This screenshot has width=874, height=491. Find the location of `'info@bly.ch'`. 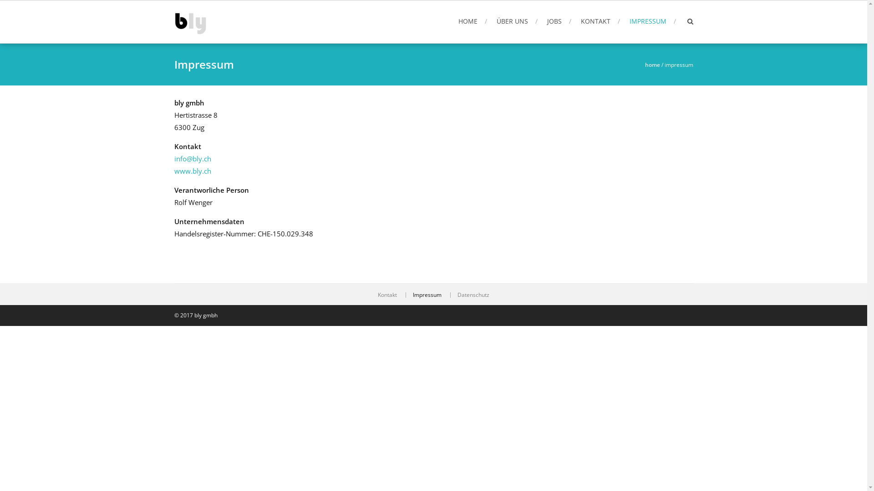

'info@bly.ch' is located at coordinates (192, 158).